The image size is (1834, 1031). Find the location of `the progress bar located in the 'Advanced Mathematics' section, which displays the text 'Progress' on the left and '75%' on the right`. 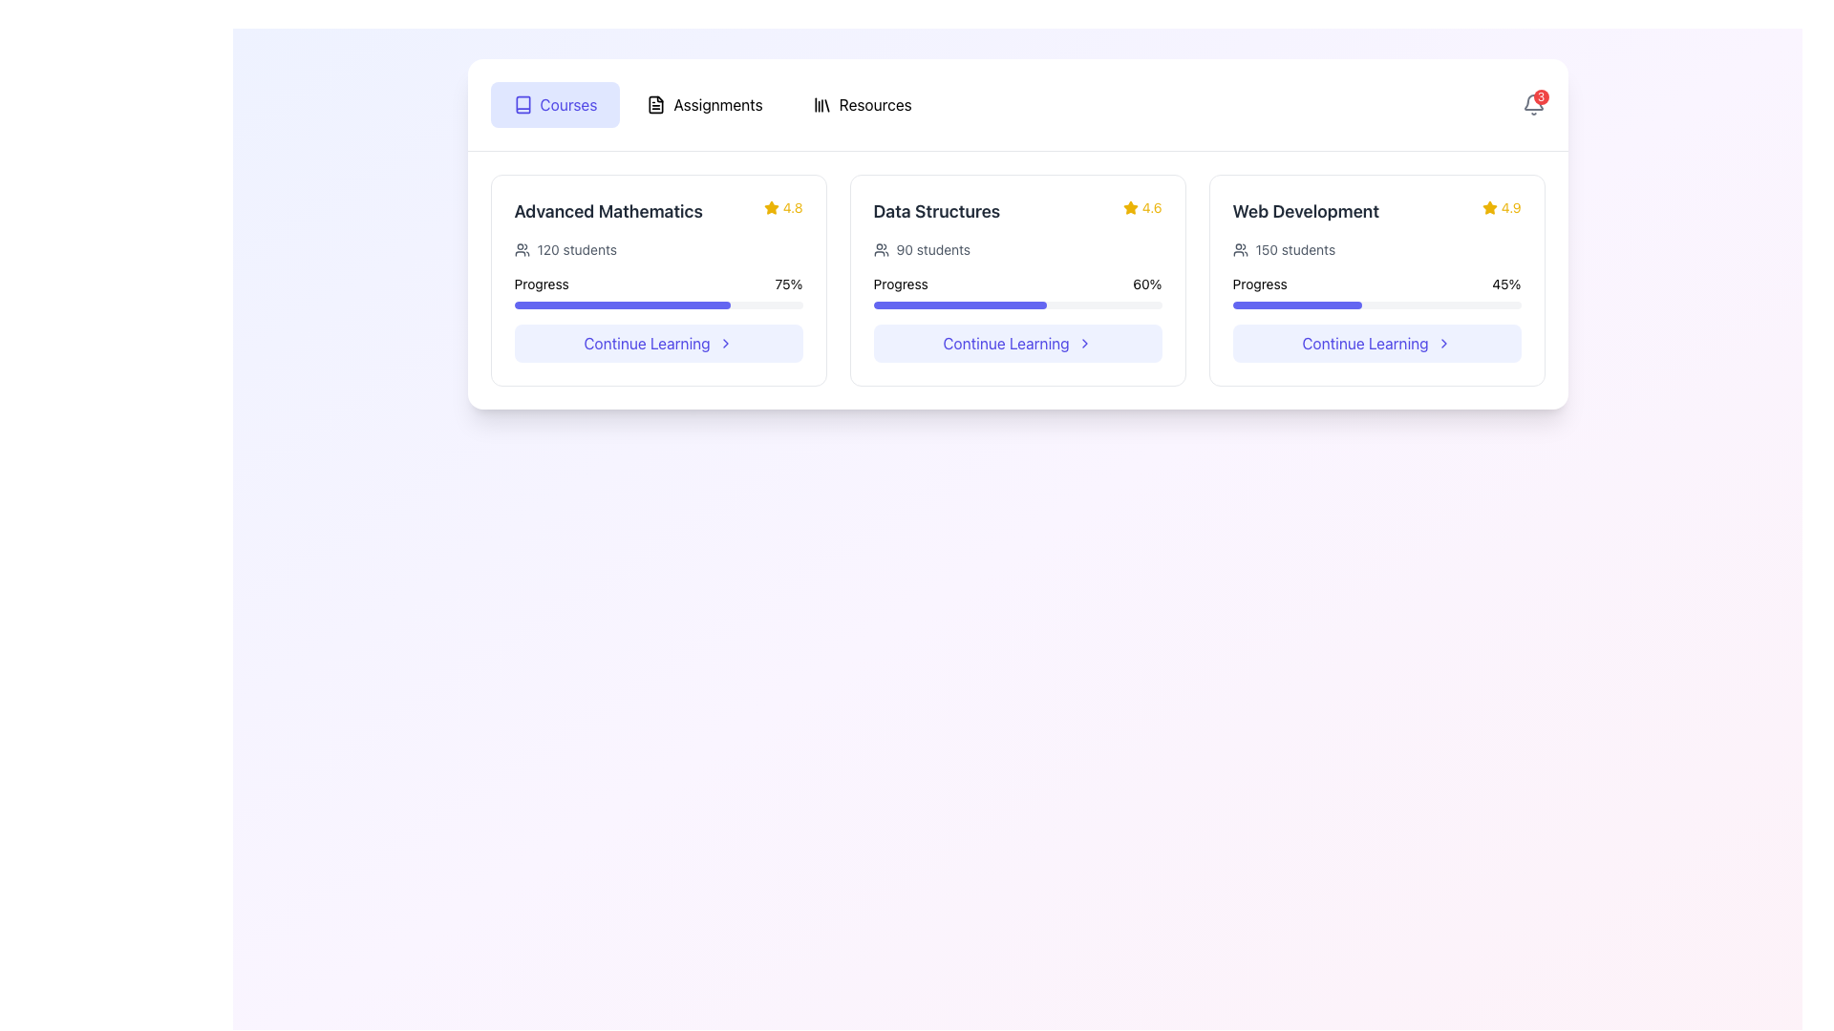

the progress bar located in the 'Advanced Mathematics' section, which displays the text 'Progress' on the left and '75%' on the right is located at coordinates (658, 291).